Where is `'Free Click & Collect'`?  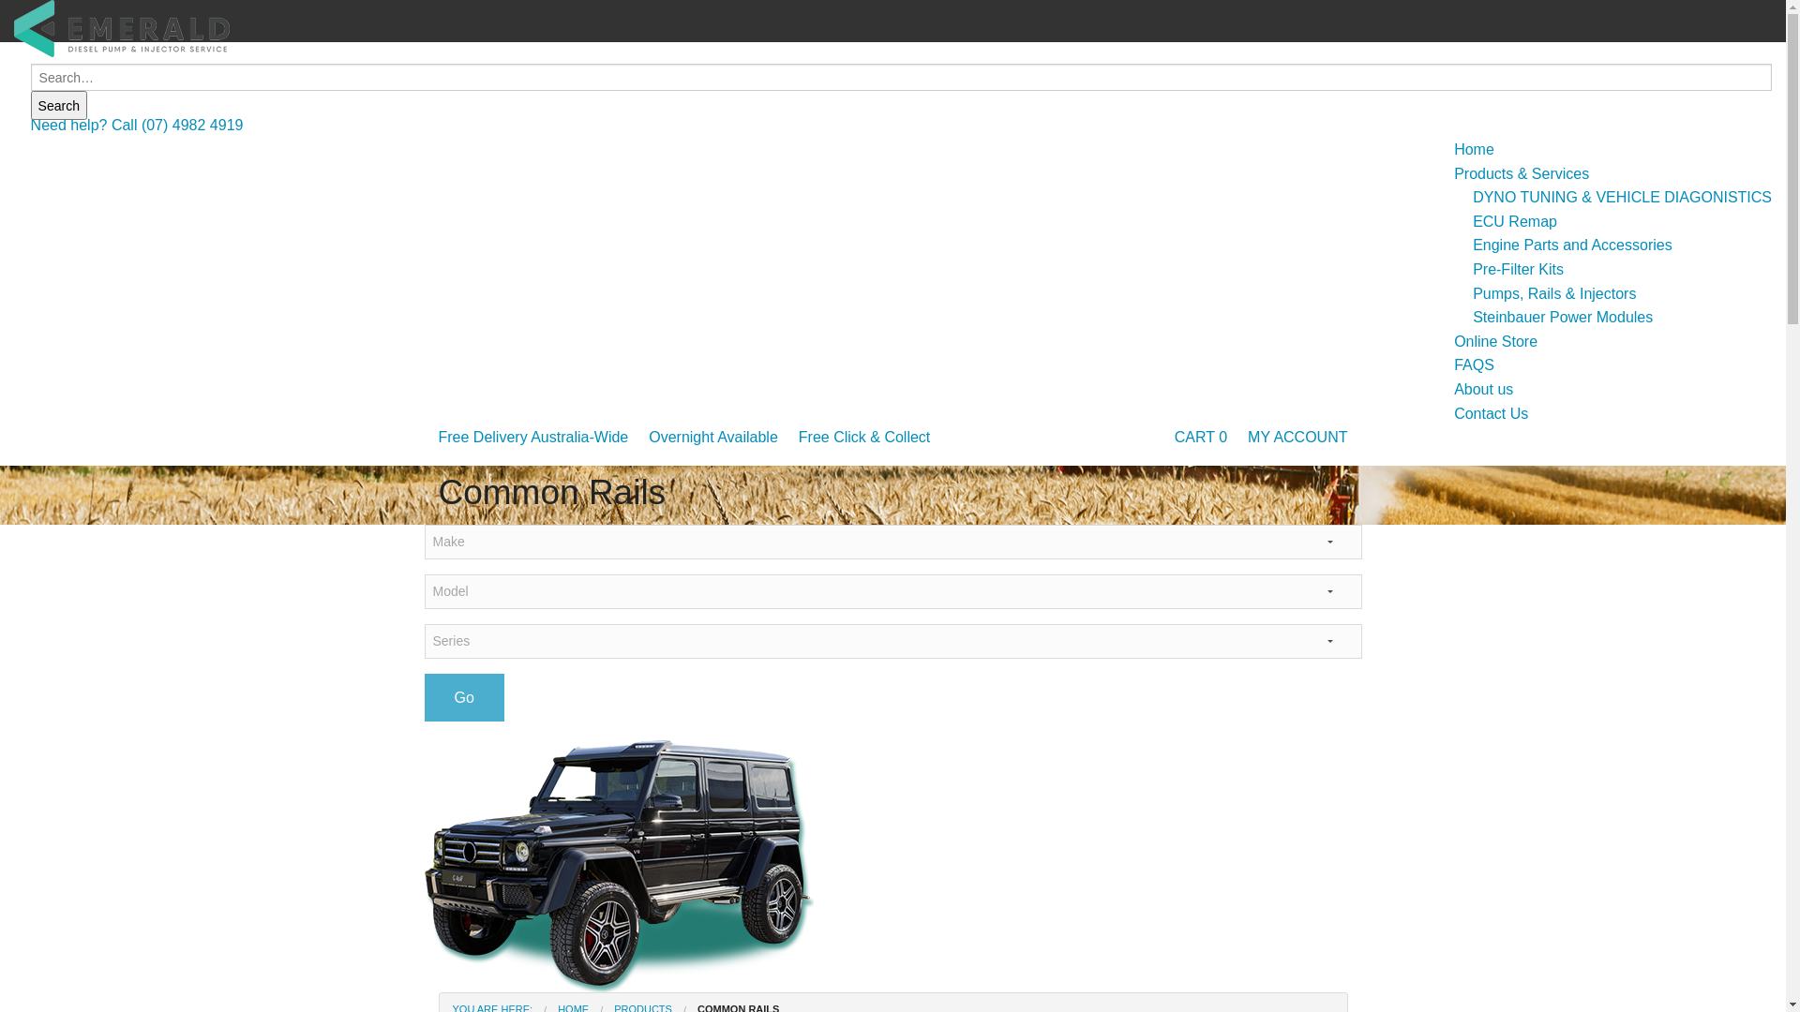
'Free Click & Collect' is located at coordinates (862, 437).